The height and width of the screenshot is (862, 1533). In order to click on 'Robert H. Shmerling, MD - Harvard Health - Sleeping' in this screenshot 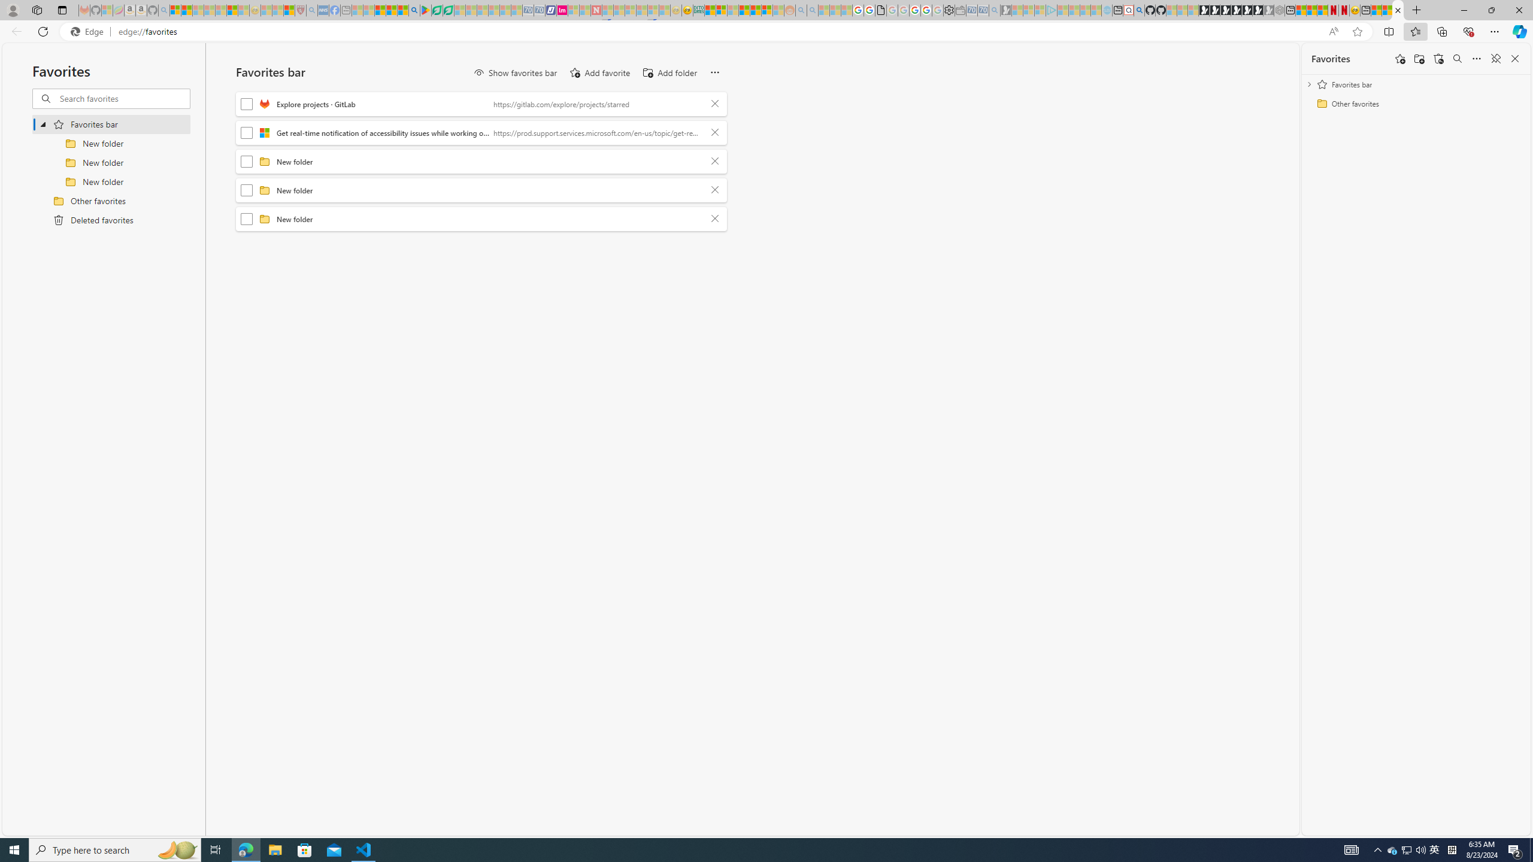, I will do `click(300, 10)`.